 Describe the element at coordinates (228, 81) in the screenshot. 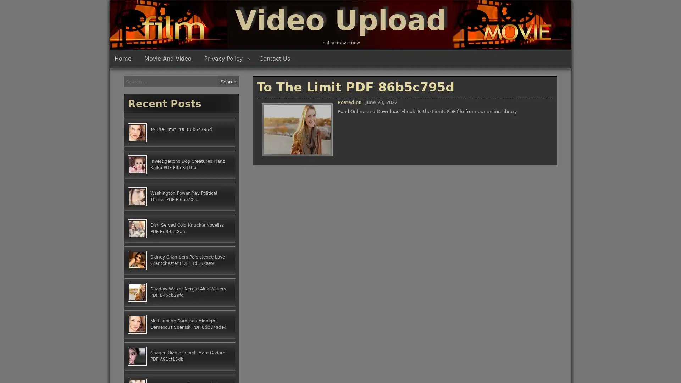

I see `Search` at that location.